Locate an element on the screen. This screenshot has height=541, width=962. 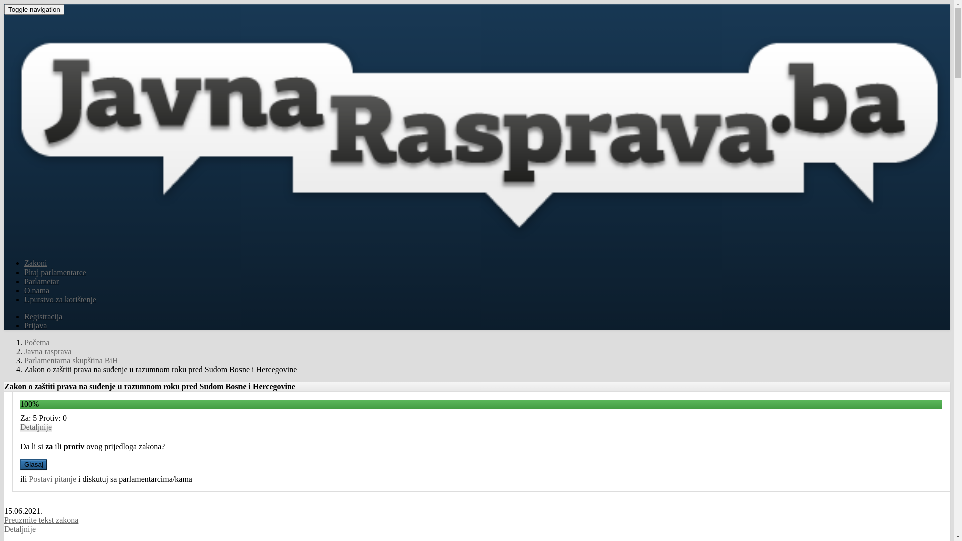
'Detaljnije' is located at coordinates (20, 528).